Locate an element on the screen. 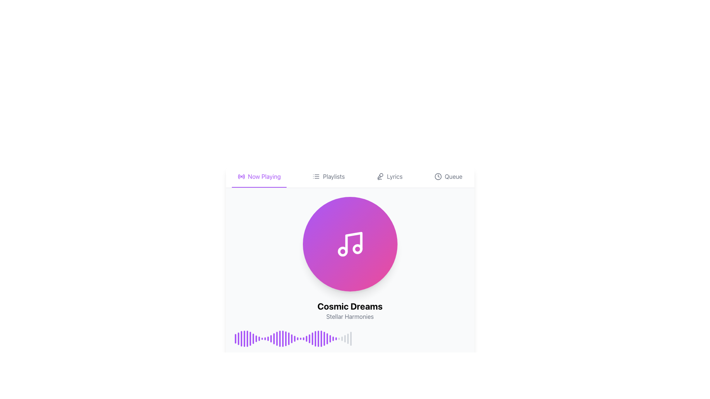  the fifth waveform bar representing the audio visualization below the central music icon and title is located at coordinates (247, 339).